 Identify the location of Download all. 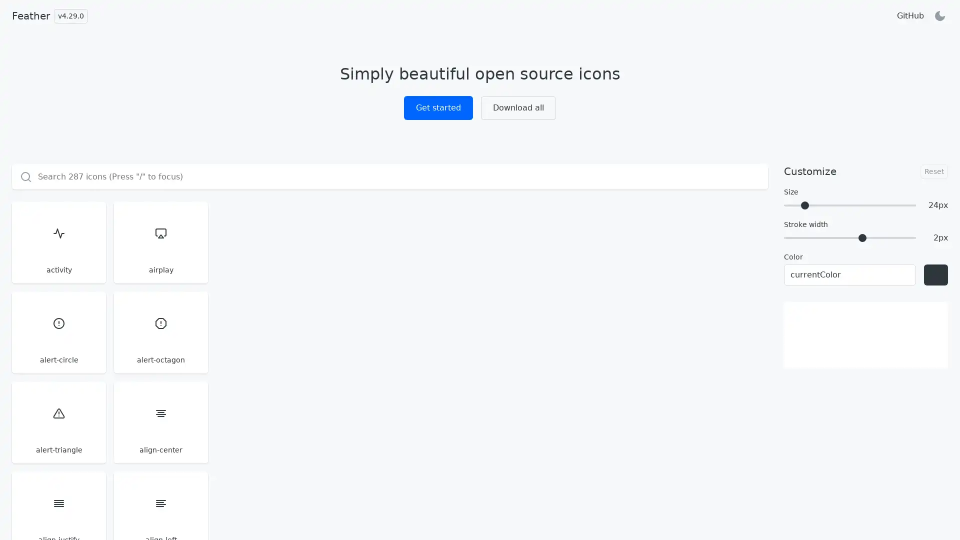
(518, 108).